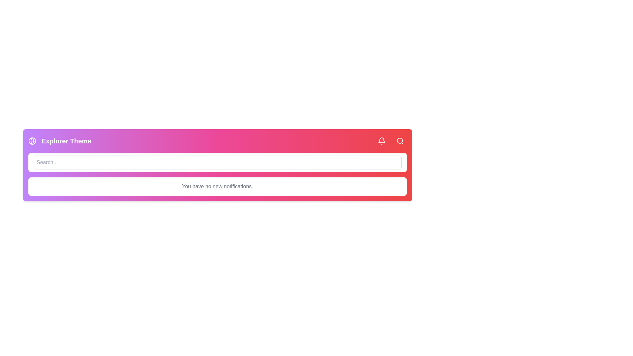  I want to click on the circular globe icon with a thin line art design, which is the first element on the left in the gradient header section, so click(32, 141).